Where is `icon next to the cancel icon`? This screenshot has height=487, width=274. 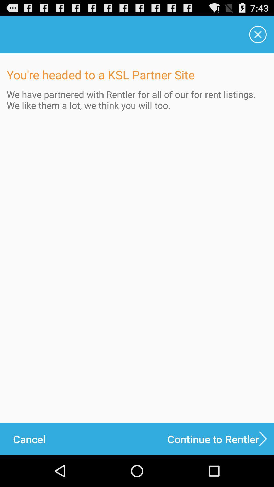 icon next to the cancel icon is located at coordinates (220, 439).